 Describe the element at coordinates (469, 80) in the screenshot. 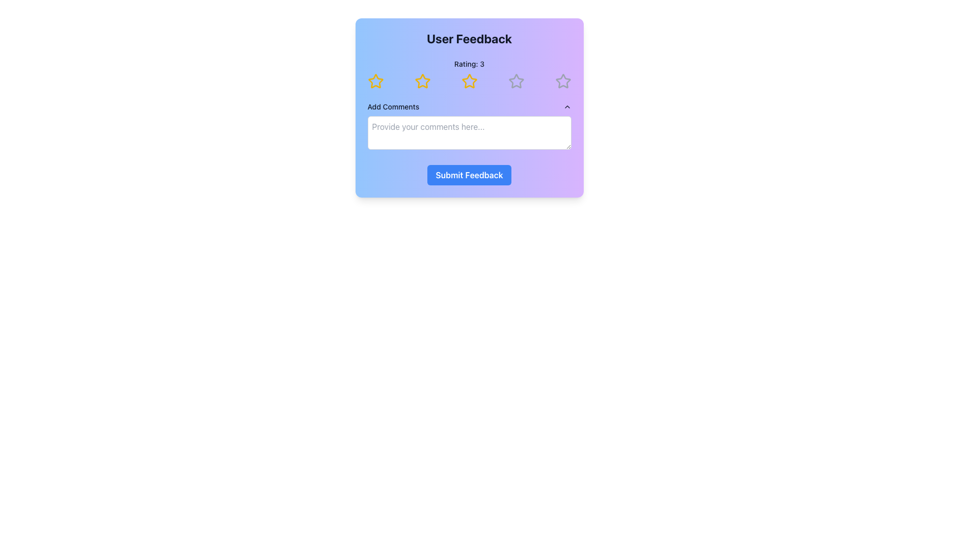

I see `the third star icon in the 5-star rating system, which allows the user to select a rating of 3 out of 5` at that location.